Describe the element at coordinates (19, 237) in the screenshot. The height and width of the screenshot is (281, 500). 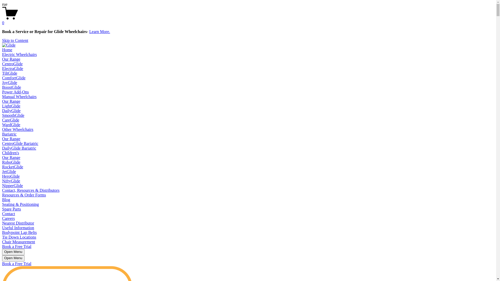
I see `'Tie Down Locations'` at that location.